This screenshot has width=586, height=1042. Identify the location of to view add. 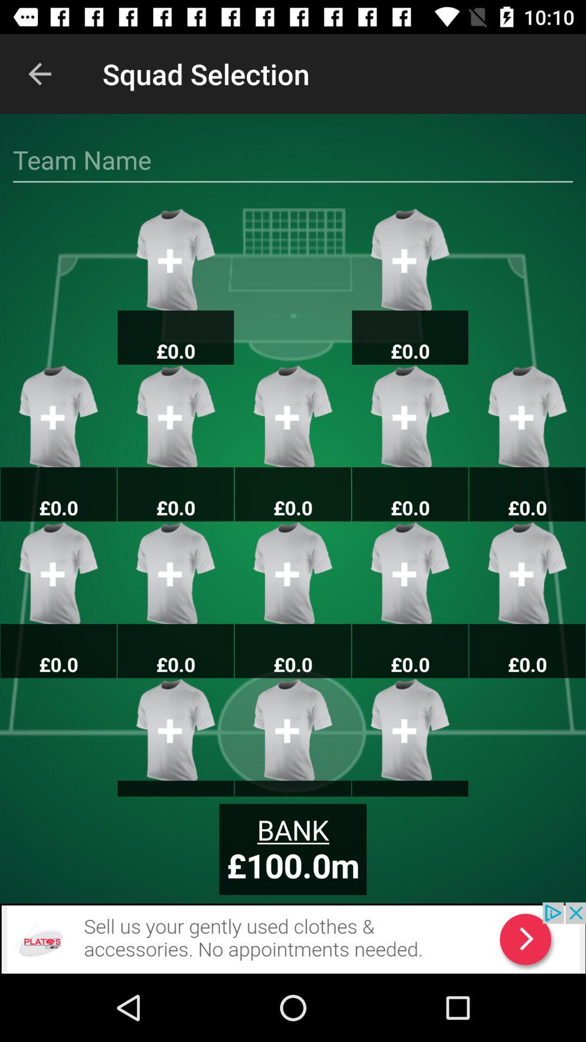
(293, 937).